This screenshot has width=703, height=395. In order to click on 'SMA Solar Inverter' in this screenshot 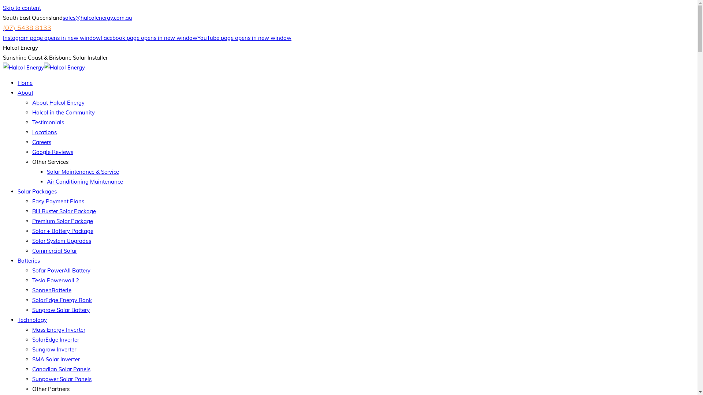, I will do `click(56, 359)`.